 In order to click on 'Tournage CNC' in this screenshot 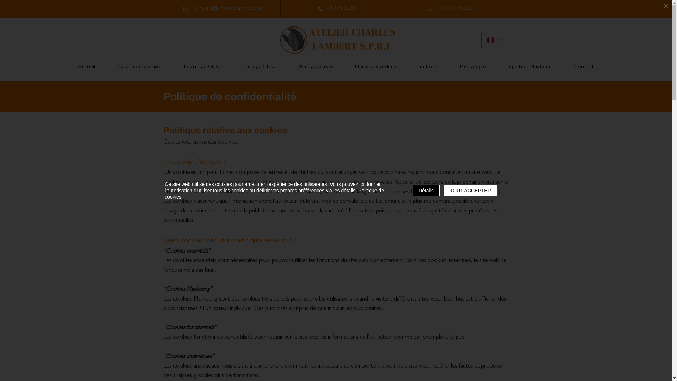, I will do `click(201, 67)`.